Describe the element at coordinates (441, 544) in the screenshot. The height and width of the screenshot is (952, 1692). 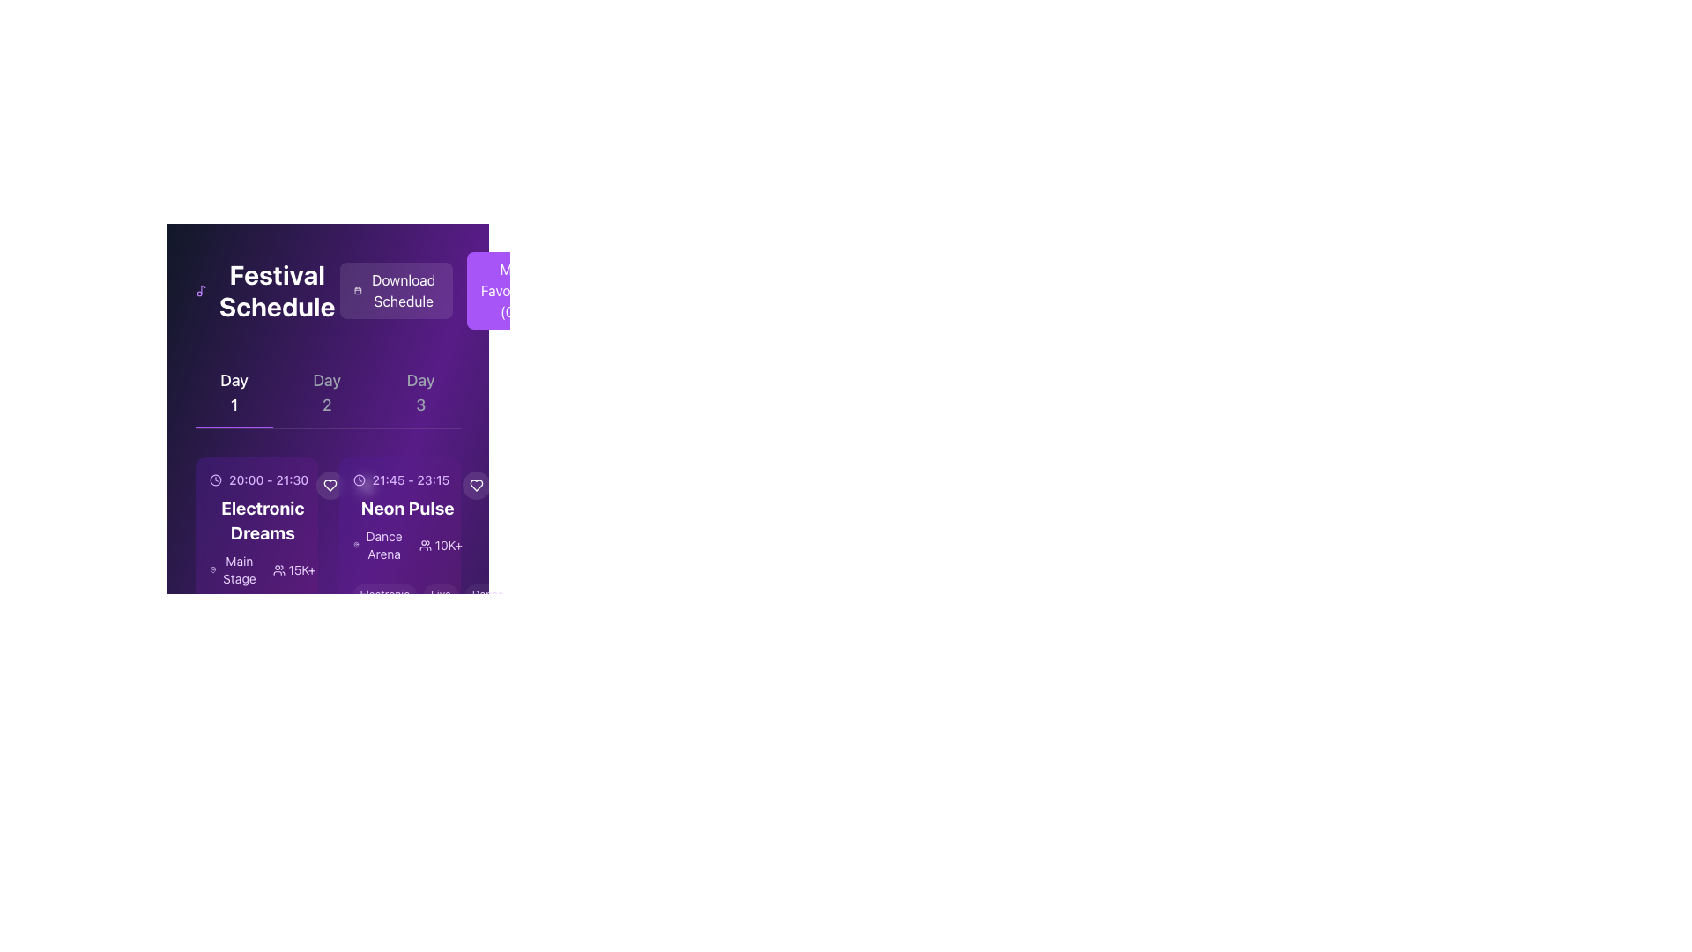
I see `the Text and Icon Label displaying the attendance or popularity metric for the Neon Pulse event listed under Day 1 in the Festival Schedule` at that location.